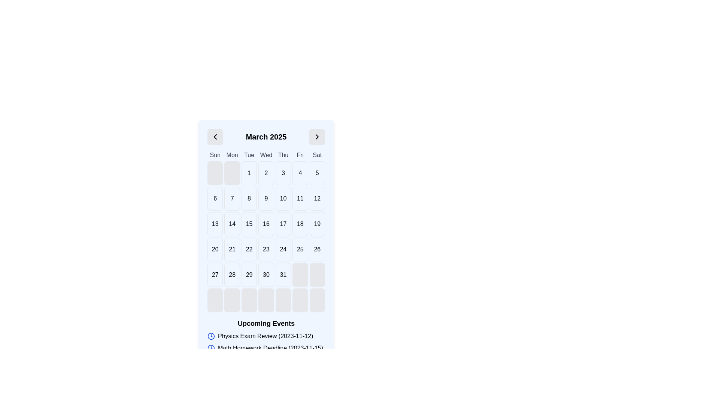  Describe the element at coordinates (317, 155) in the screenshot. I see `the text label representing Saturdays in the calendar grid, which is the last item in the row of seven labels` at that location.